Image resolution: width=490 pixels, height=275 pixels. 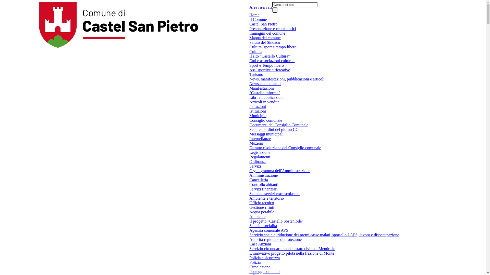 I want to click on 'Documenti del Consiglio Comunale', so click(x=249, y=125).